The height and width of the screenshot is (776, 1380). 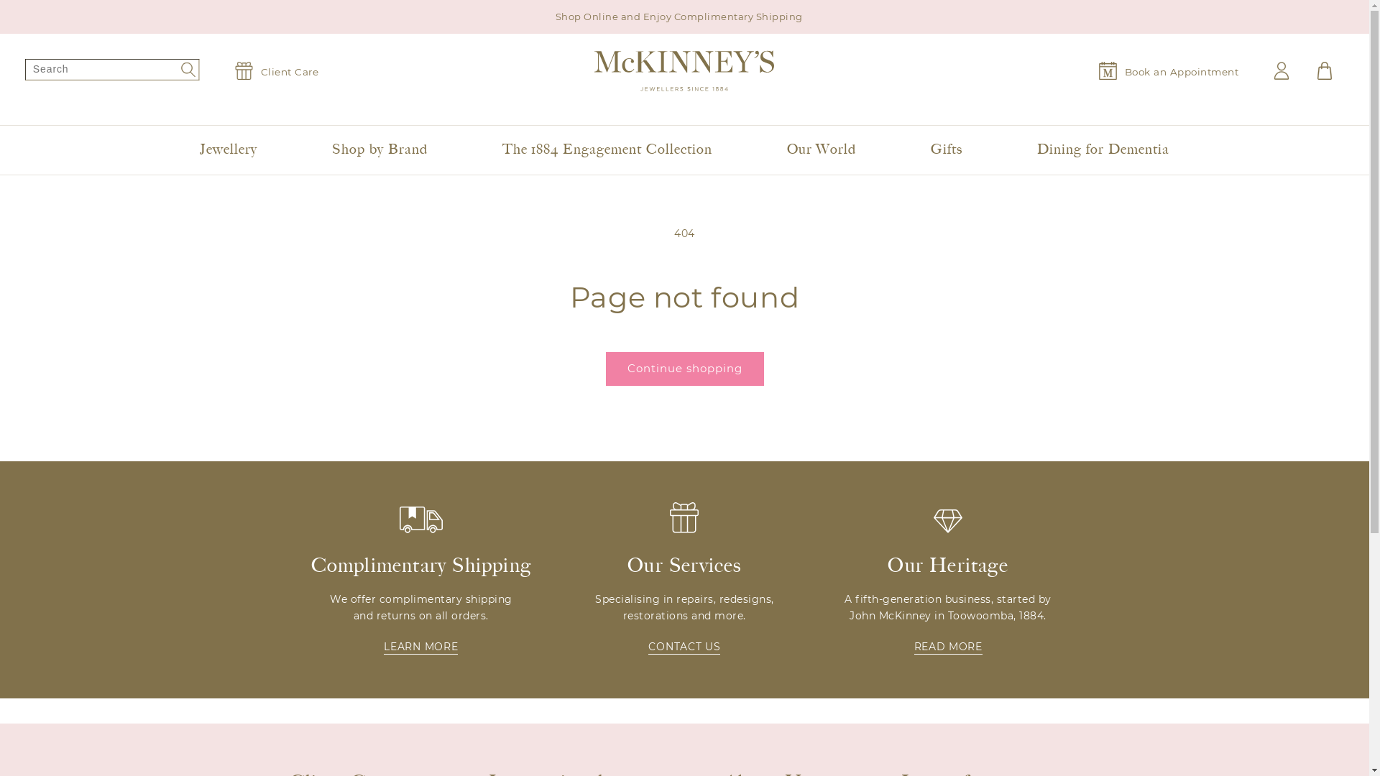 What do you see at coordinates (684, 17) in the screenshot?
I see `'Shop Online and Enjoy Complimentary Shipping'` at bounding box center [684, 17].